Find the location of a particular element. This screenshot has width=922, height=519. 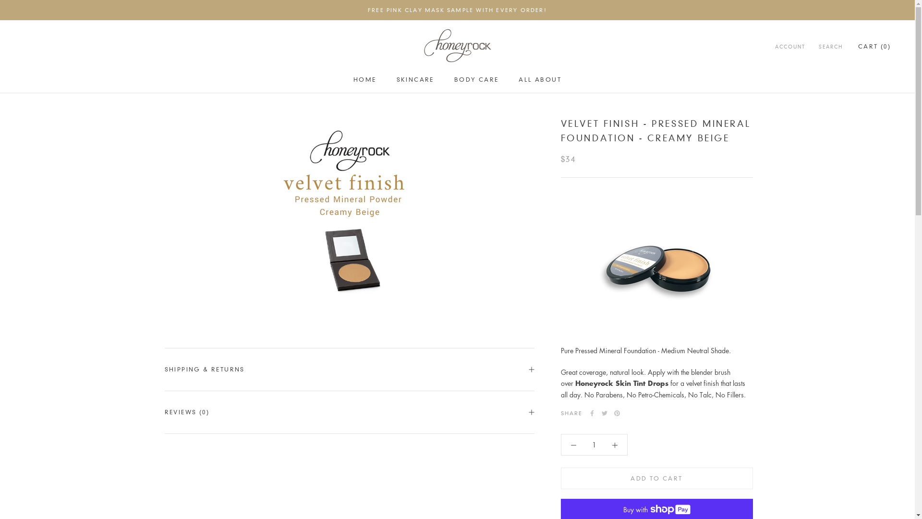

'HOME is located at coordinates (364, 79).